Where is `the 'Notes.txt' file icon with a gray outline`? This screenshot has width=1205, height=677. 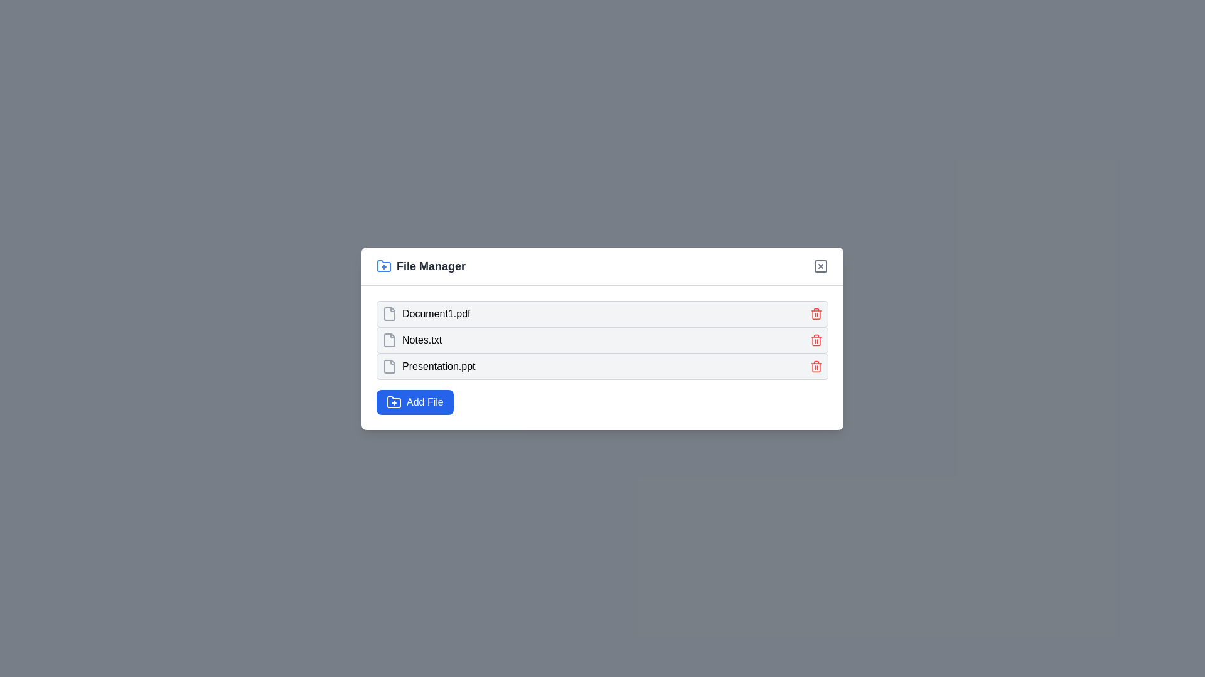
the 'Notes.txt' file icon with a gray outline is located at coordinates (412, 340).